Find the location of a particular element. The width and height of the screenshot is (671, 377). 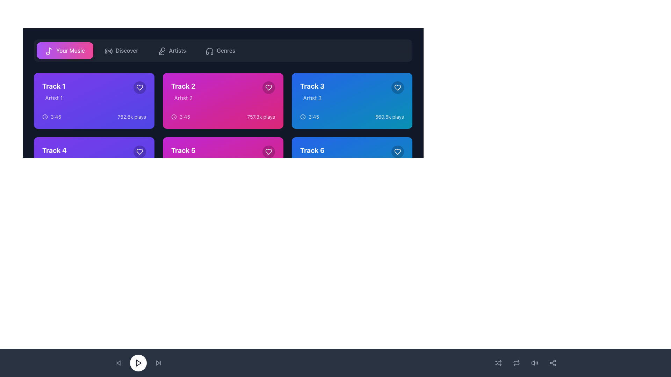

the 'Your Music' button is located at coordinates (50, 50).